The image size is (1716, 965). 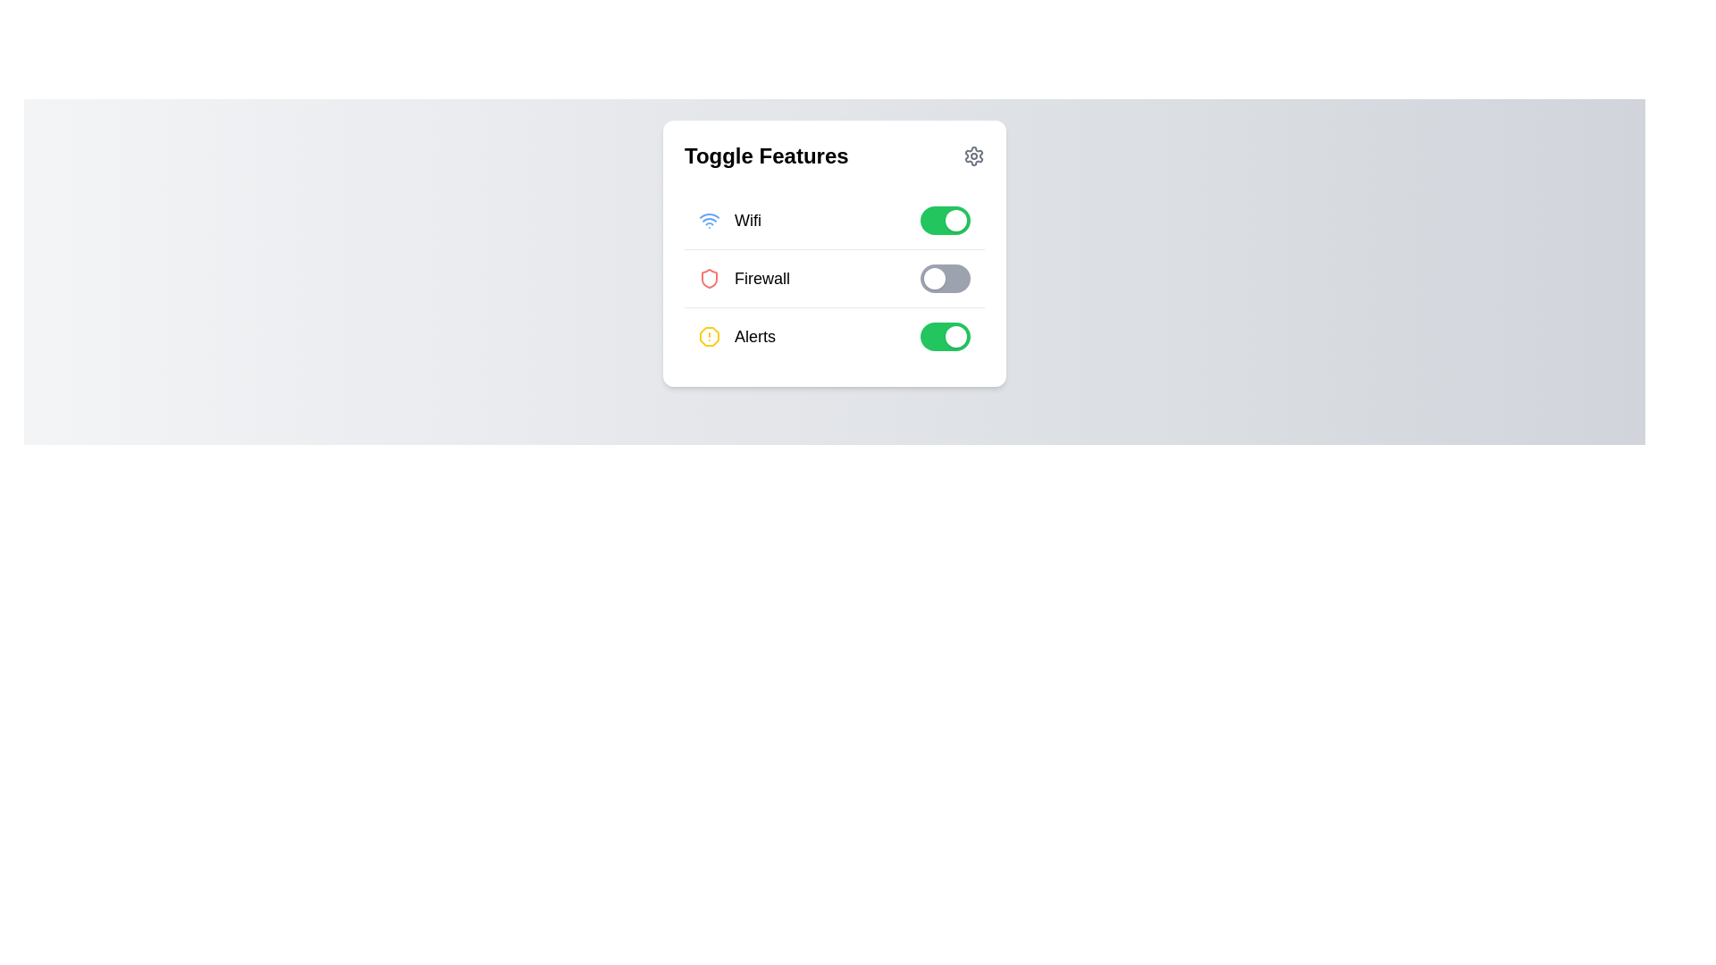 What do you see at coordinates (972, 155) in the screenshot?
I see `the settings icon button shaped like a circular gear located in the upper-right corner of the header section, next to the 'Toggle Features' text` at bounding box center [972, 155].